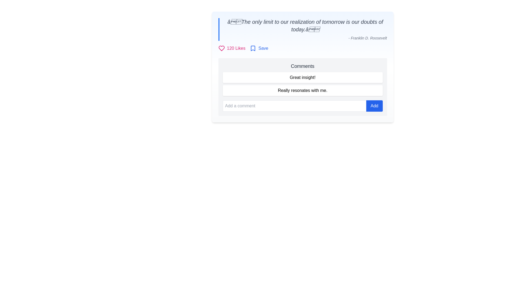  Describe the element at coordinates (259, 48) in the screenshot. I see `the blue 'Save' button with a bookmark icon located to the right of the '120 Likes' section, centered vertically within the quote display area` at that location.